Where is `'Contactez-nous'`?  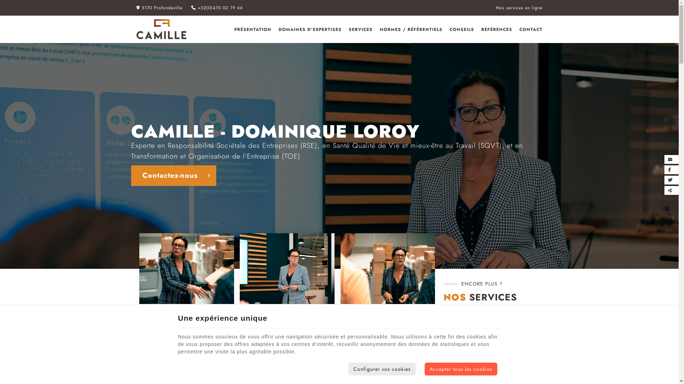
'Contactez-nous' is located at coordinates (173, 175).